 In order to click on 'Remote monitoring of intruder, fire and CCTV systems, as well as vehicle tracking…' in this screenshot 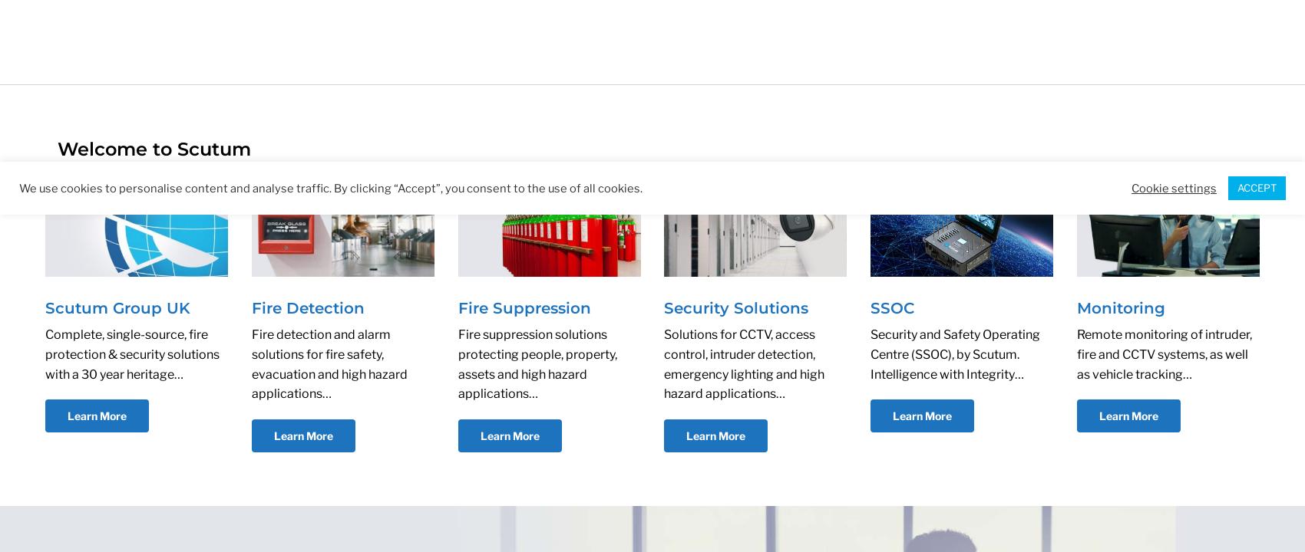, I will do `click(1164, 354)`.